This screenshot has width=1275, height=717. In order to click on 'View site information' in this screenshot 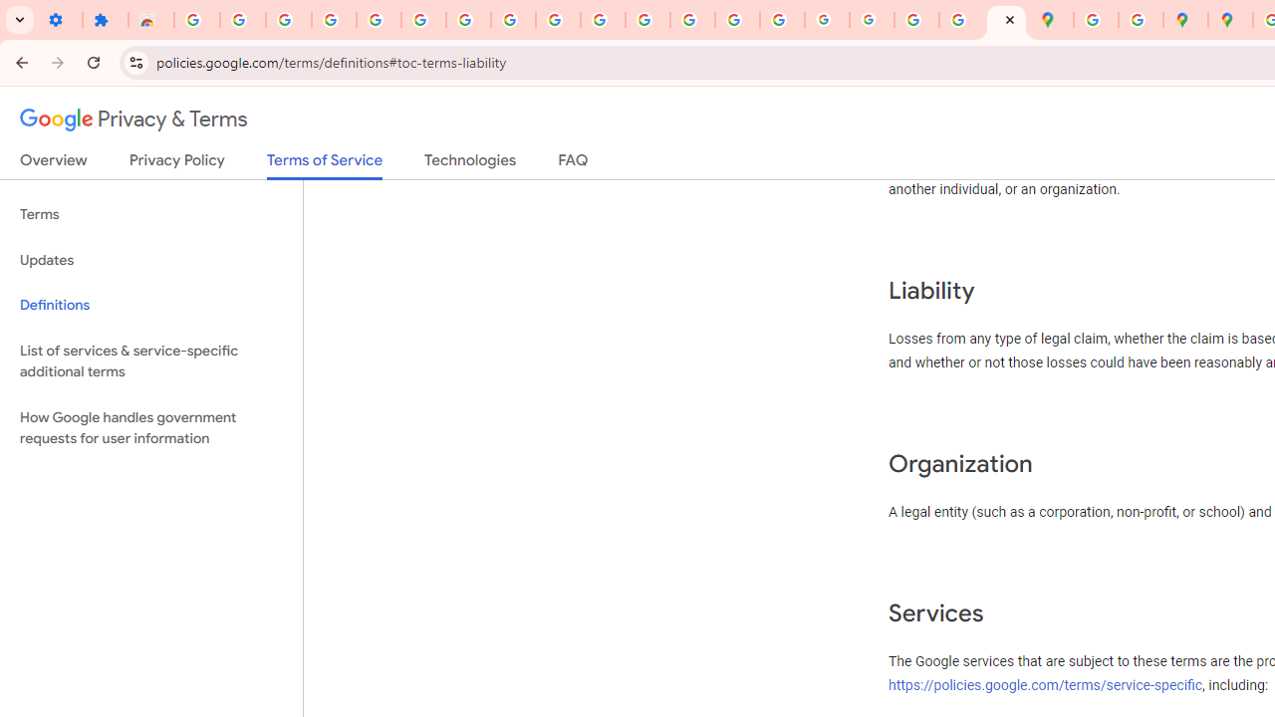, I will do `click(134, 61)`.